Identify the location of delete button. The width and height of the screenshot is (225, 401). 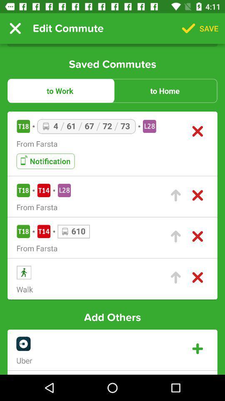
(197, 236).